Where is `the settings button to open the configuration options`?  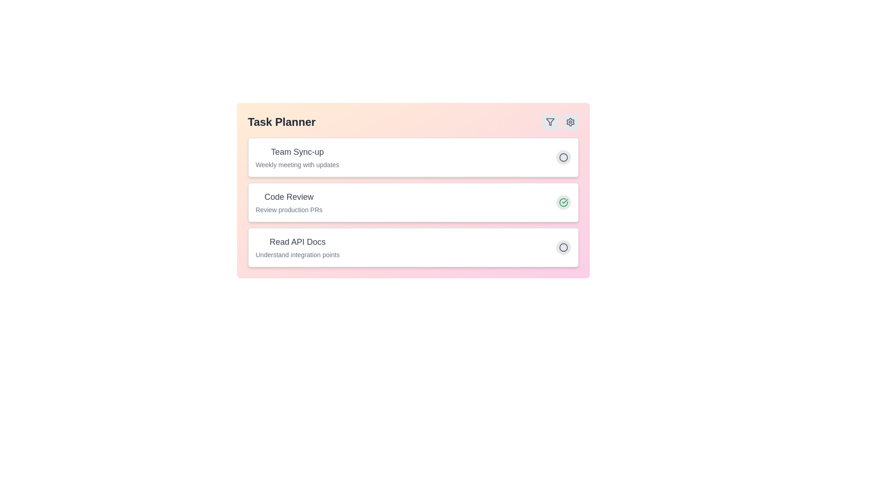 the settings button to open the configuration options is located at coordinates (570, 122).